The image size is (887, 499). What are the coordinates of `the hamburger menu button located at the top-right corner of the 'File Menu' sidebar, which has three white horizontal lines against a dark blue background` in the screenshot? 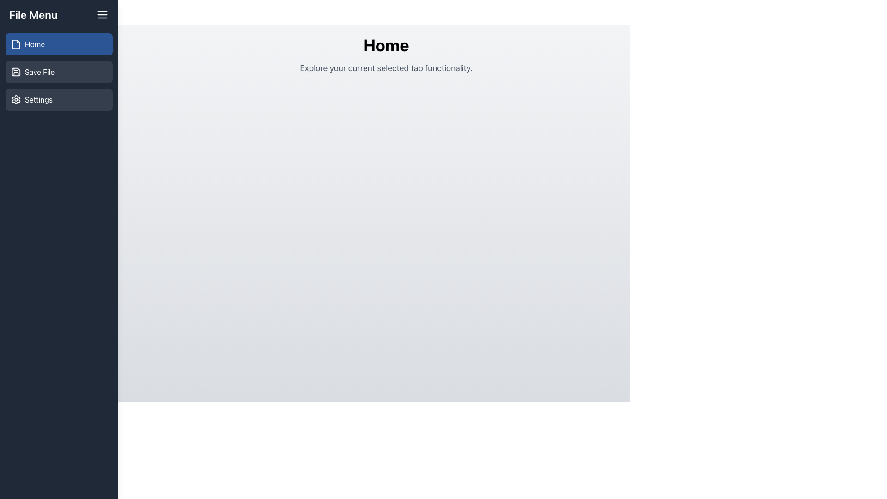 It's located at (102, 14).